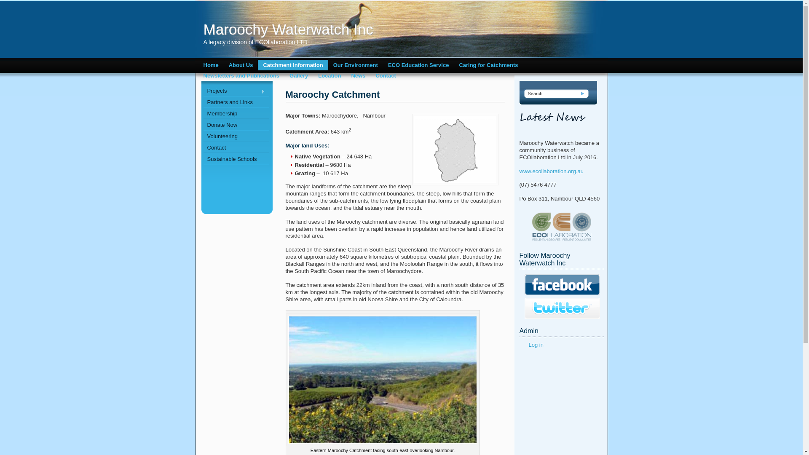  Describe the element at coordinates (236, 159) in the screenshot. I see `'Sustainable Schools'` at that location.